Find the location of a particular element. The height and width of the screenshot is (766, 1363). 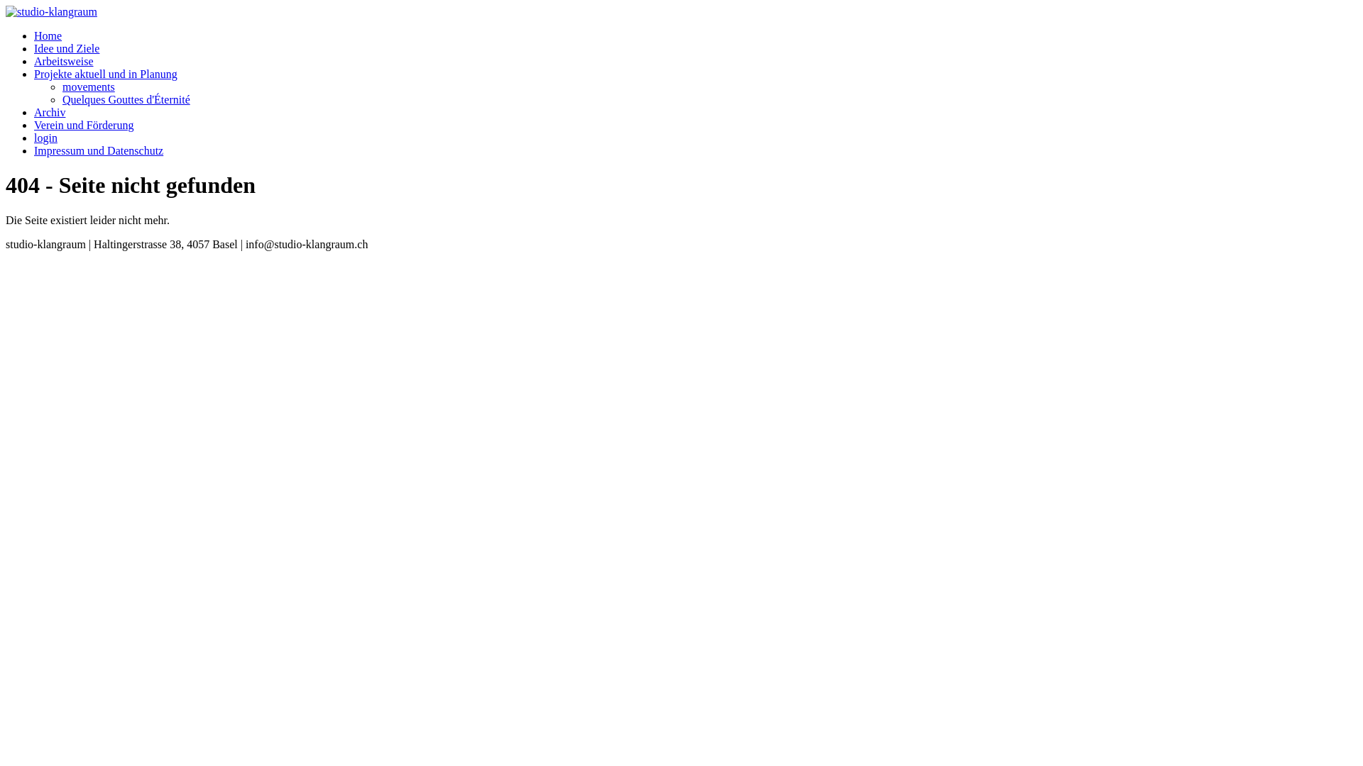

'Impressum und Datenschutz' is located at coordinates (98, 150).